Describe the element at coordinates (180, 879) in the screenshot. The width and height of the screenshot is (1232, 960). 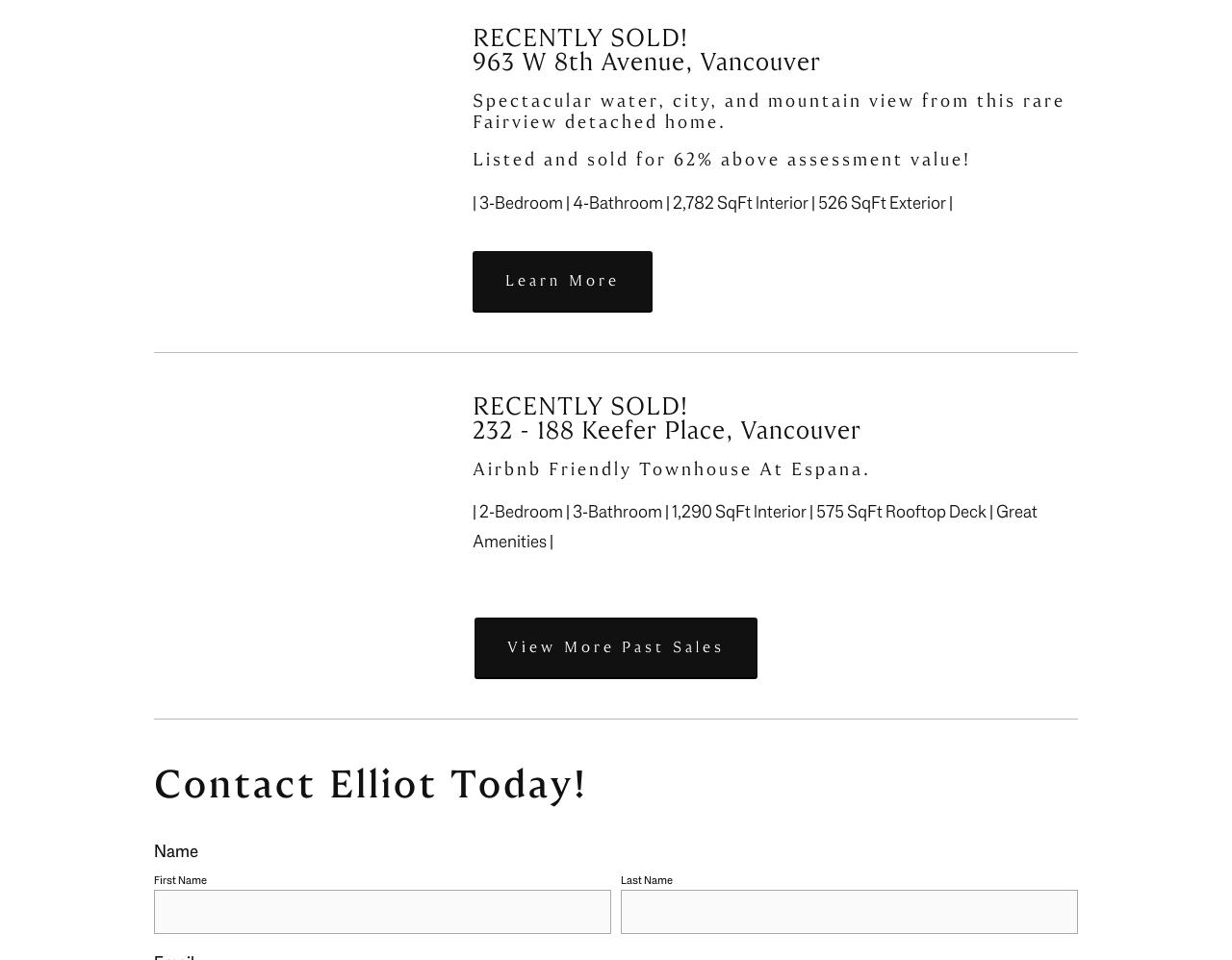
I see `'First Name'` at that location.